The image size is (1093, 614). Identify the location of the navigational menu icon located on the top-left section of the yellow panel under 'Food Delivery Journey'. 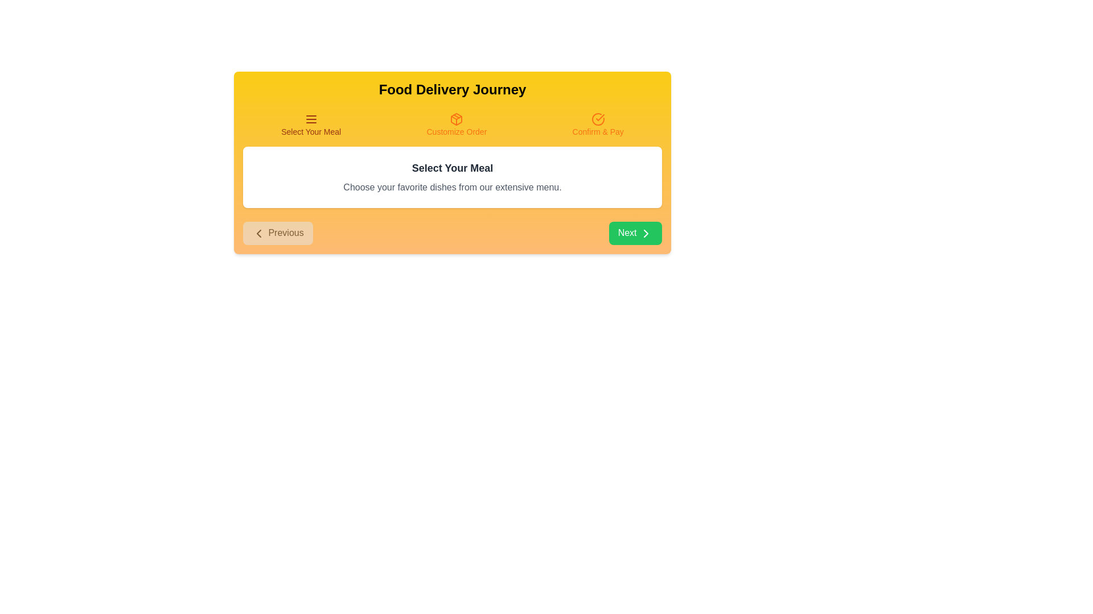
(311, 119).